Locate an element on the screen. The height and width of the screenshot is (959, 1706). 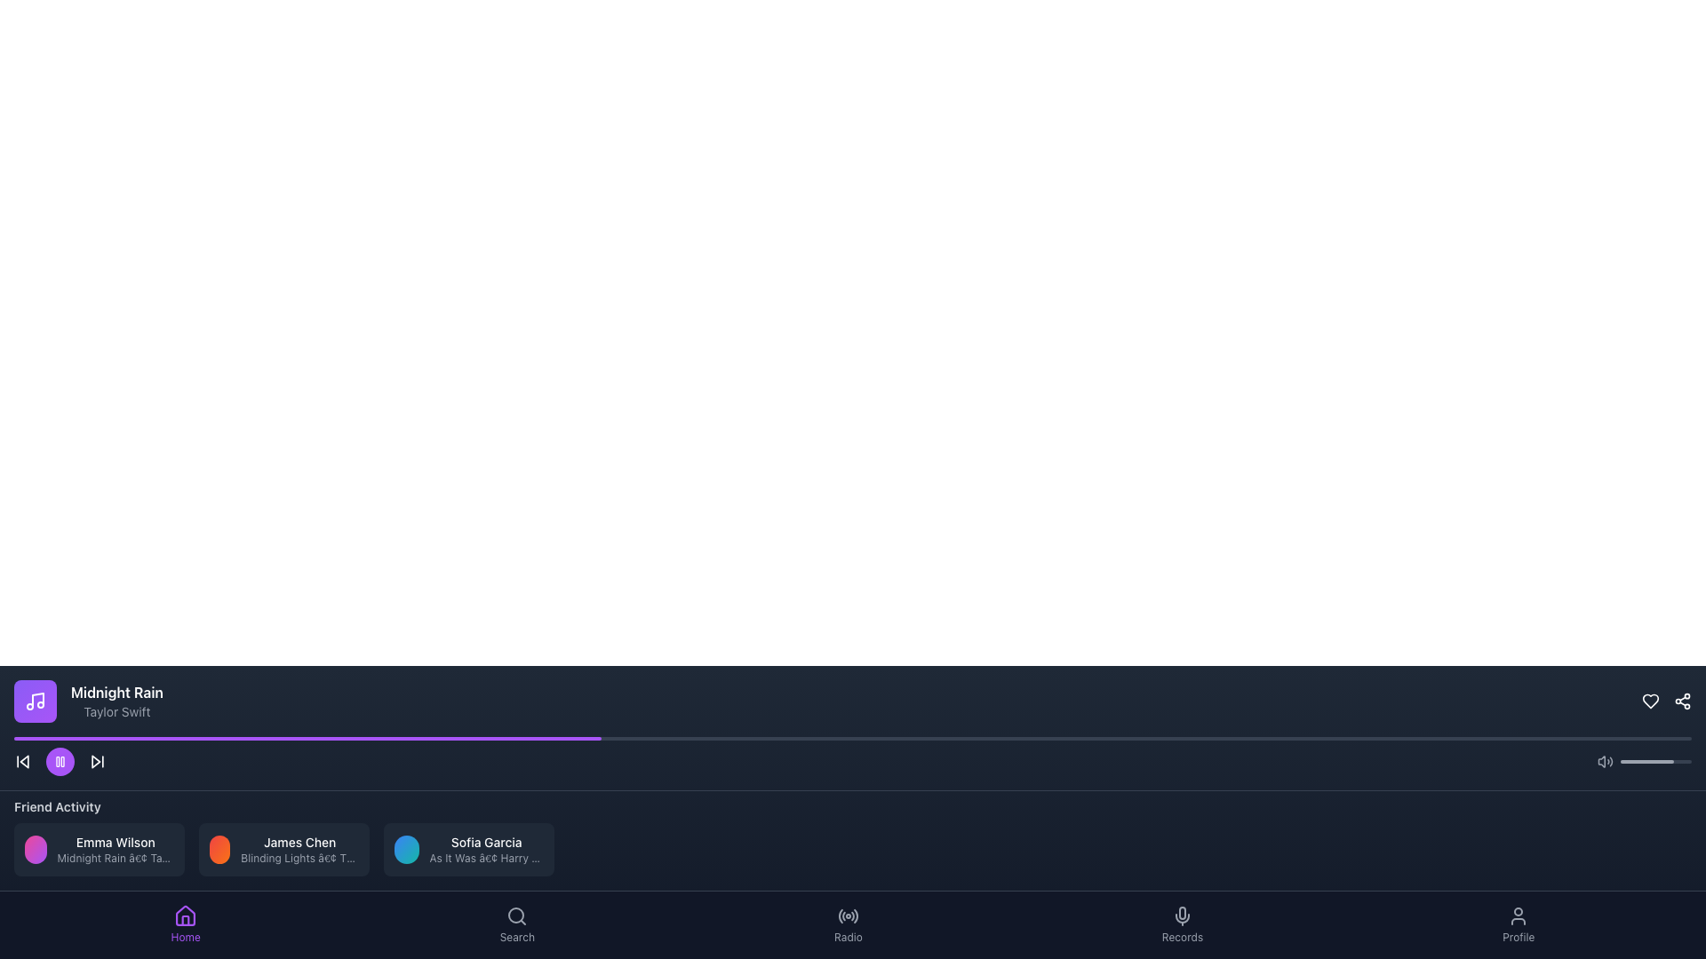
text label indicating the 'Home' section, which is located in the navigation bar at the bottom of the interface, positioned below the house icon is located at coordinates (186, 937).